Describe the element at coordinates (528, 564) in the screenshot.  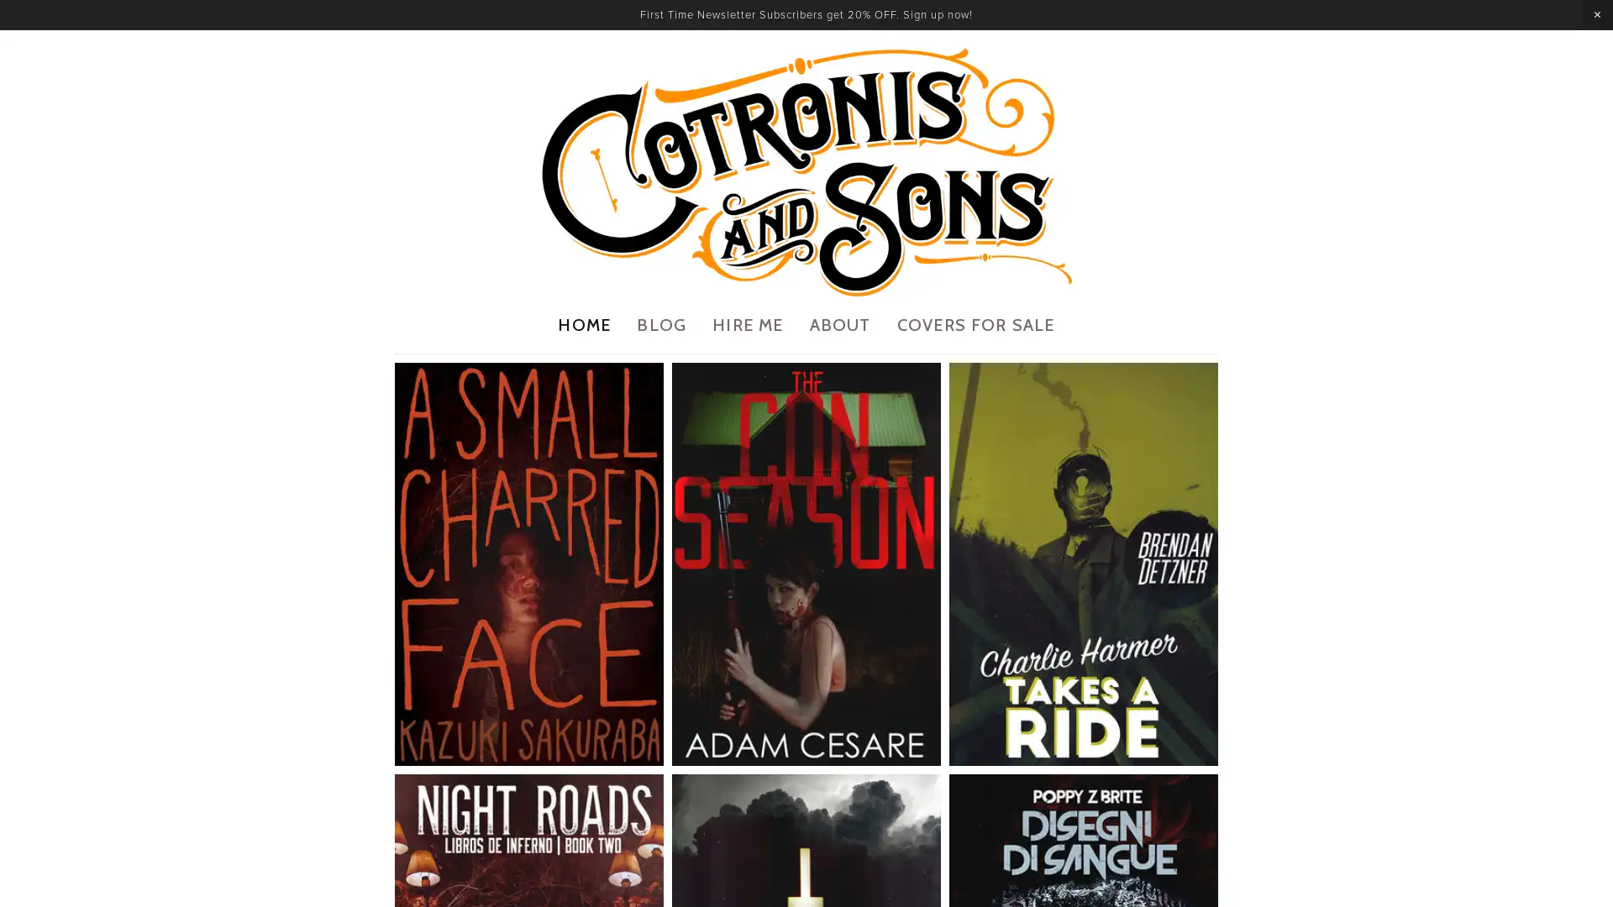
I see `View fullsize 1.jpg` at that location.